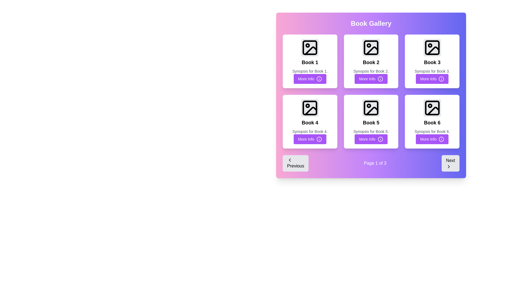 This screenshot has height=296, width=527. What do you see at coordinates (380, 79) in the screenshot?
I see `the 'More Info' button represented by a circular icon with an information symbol ('i') inside it, located at the center of the second column of the grid of books, below the 'Book 2' section` at bounding box center [380, 79].